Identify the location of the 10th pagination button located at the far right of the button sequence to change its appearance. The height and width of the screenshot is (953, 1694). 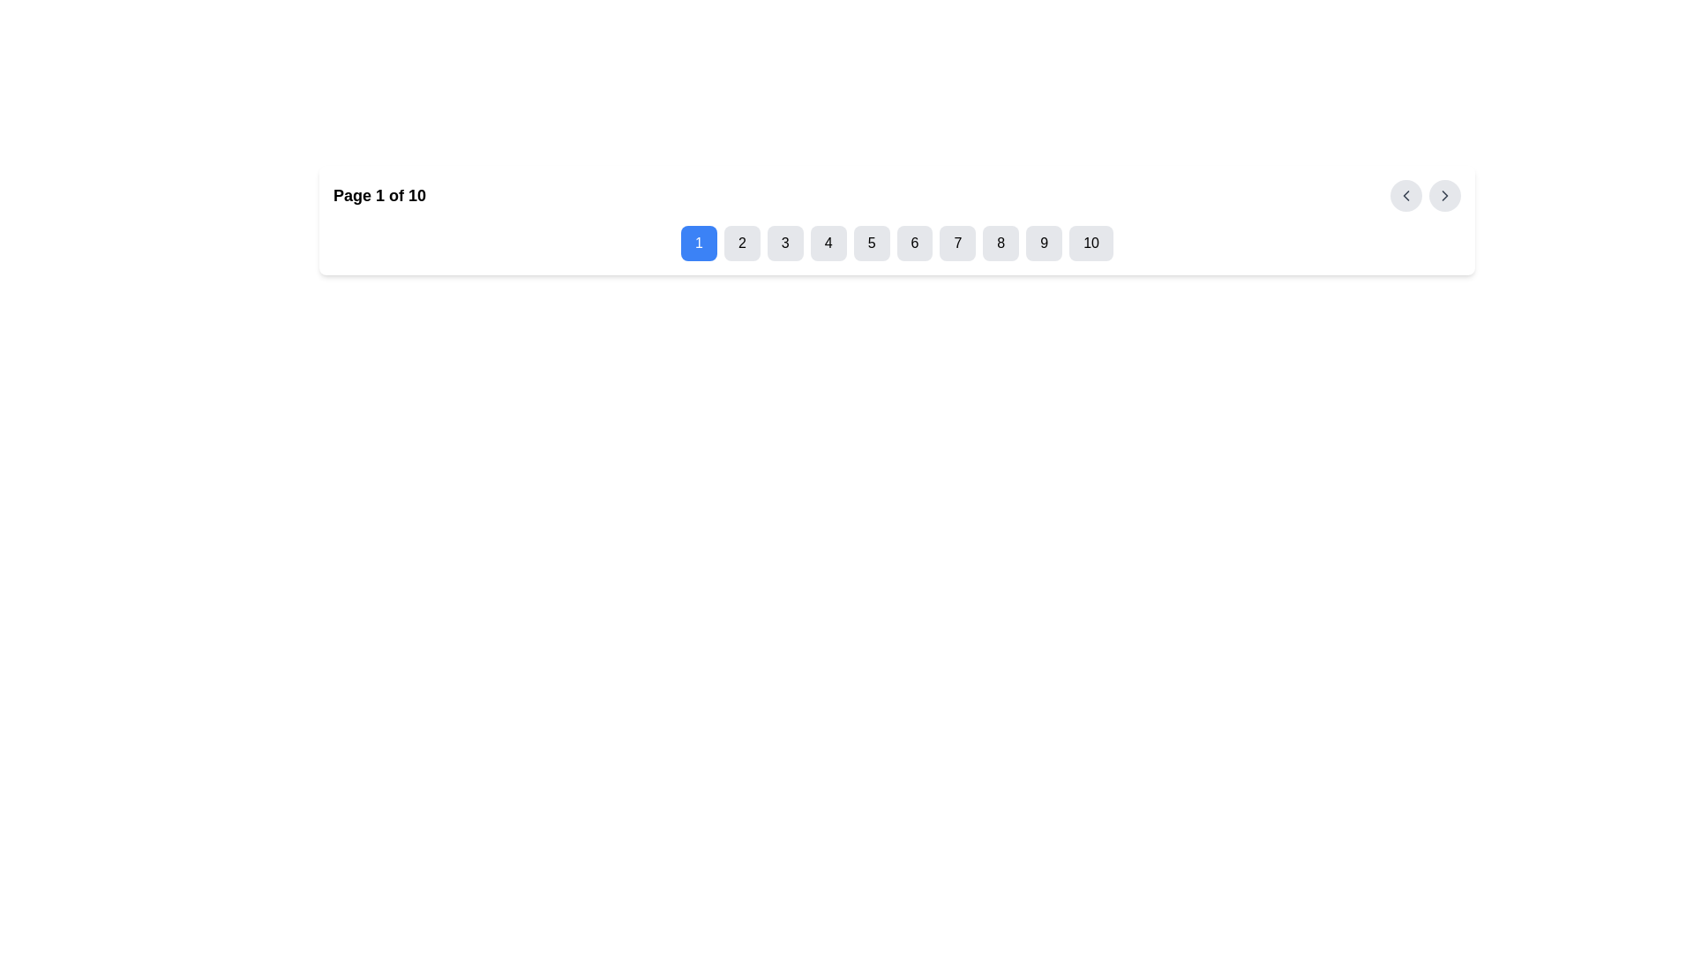
(1091, 244).